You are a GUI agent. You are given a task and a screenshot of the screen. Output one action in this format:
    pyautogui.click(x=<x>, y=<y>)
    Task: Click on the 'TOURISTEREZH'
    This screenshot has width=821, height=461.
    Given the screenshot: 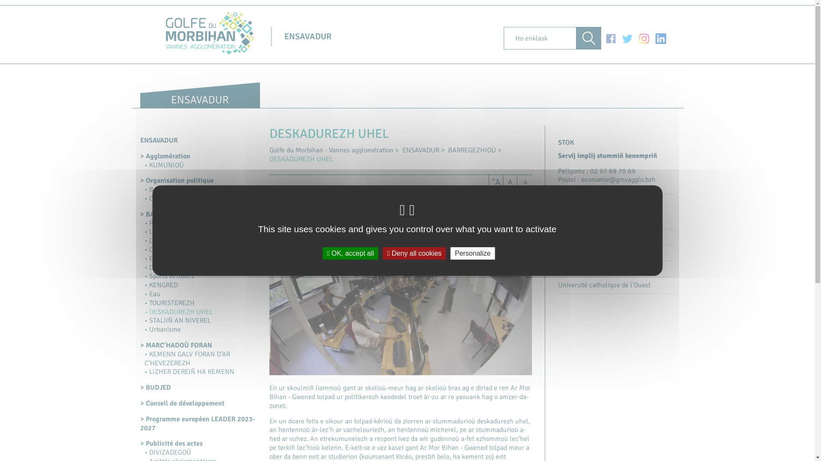 What is the action you would take?
    pyautogui.click(x=169, y=302)
    